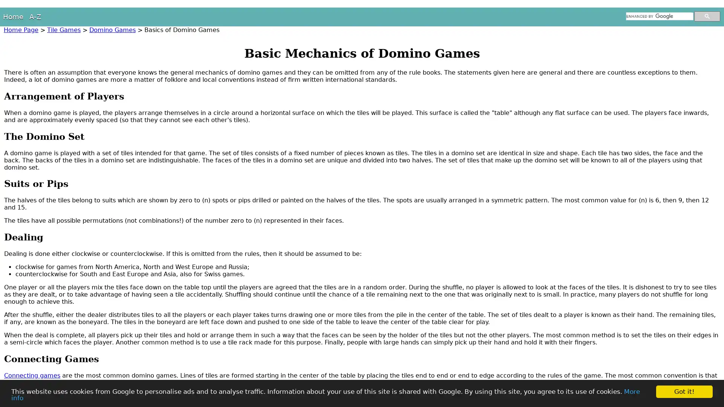  I want to click on search, so click(707, 16).